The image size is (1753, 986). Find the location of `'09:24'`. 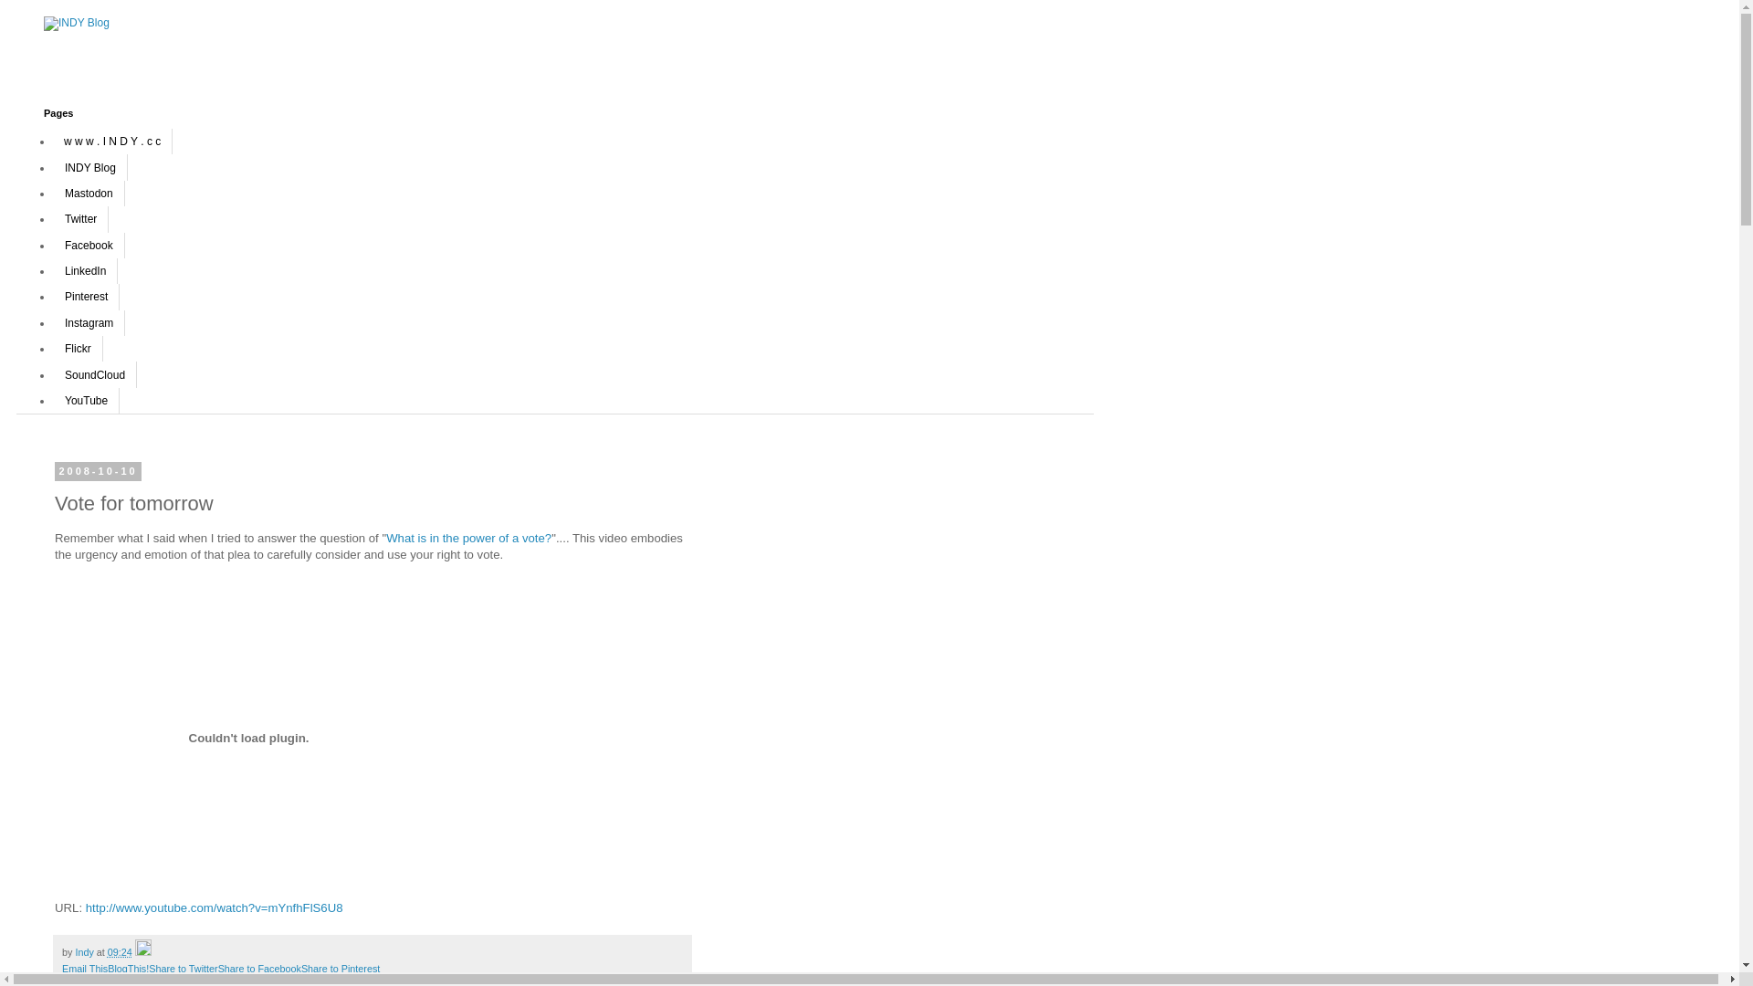

'09:24' is located at coordinates (107, 950).